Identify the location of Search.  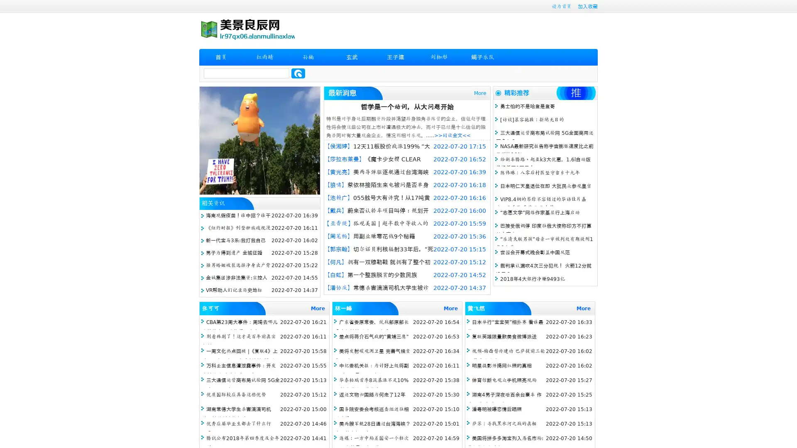
(298, 73).